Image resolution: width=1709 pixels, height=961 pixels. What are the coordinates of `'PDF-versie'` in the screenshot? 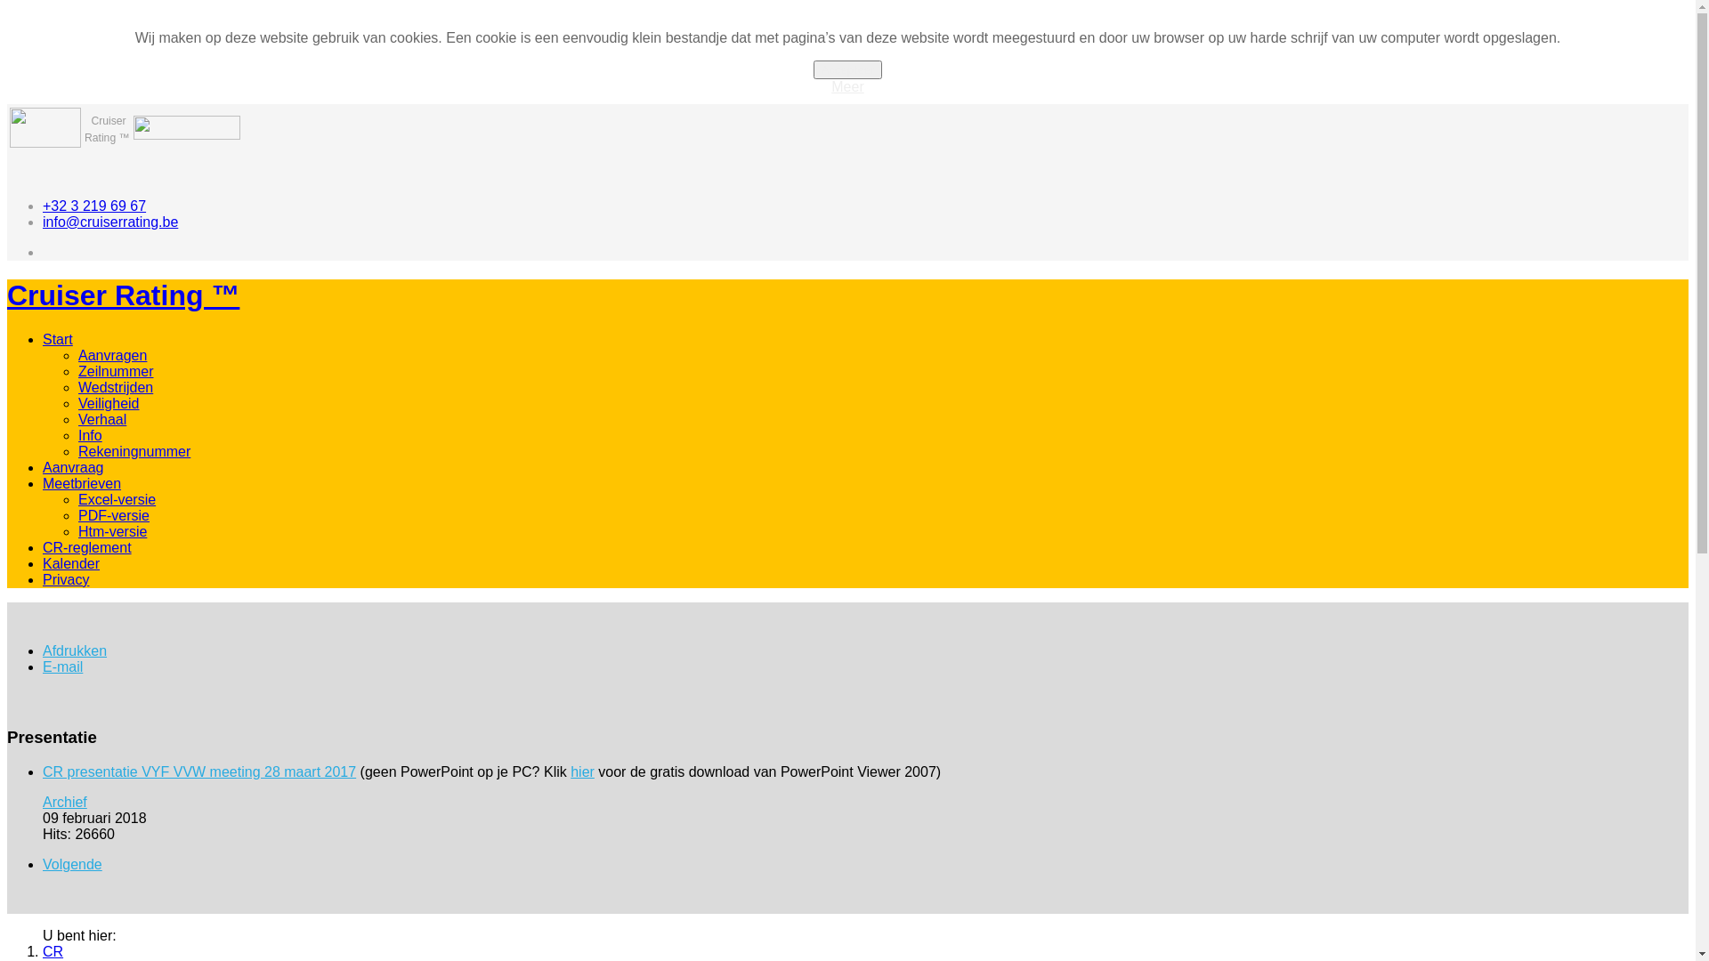 It's located at (113, 515).